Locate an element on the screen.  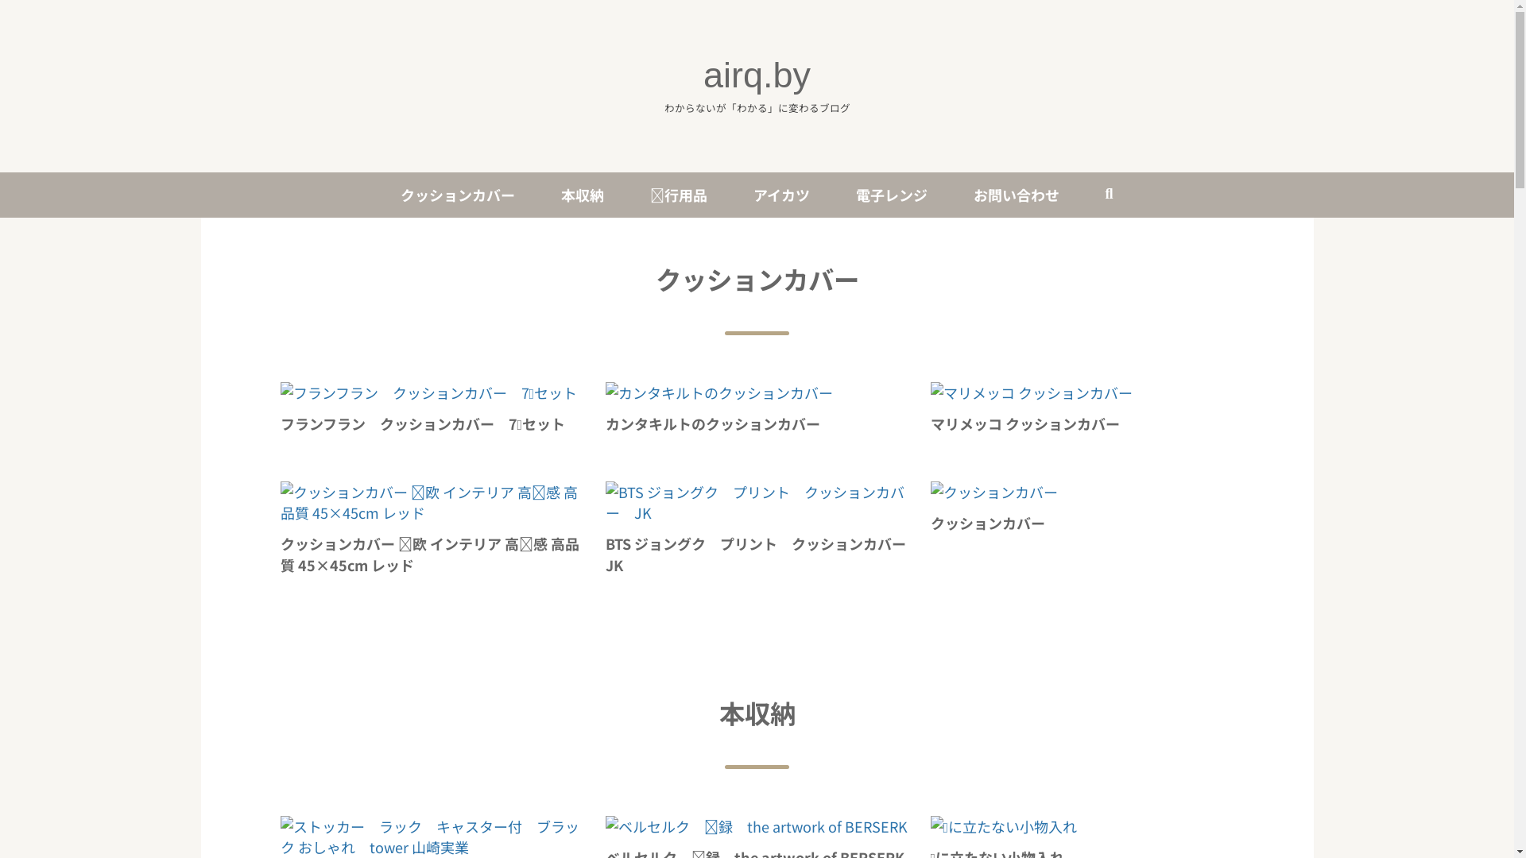
'airq.by' is located at coordinates (756, 75).